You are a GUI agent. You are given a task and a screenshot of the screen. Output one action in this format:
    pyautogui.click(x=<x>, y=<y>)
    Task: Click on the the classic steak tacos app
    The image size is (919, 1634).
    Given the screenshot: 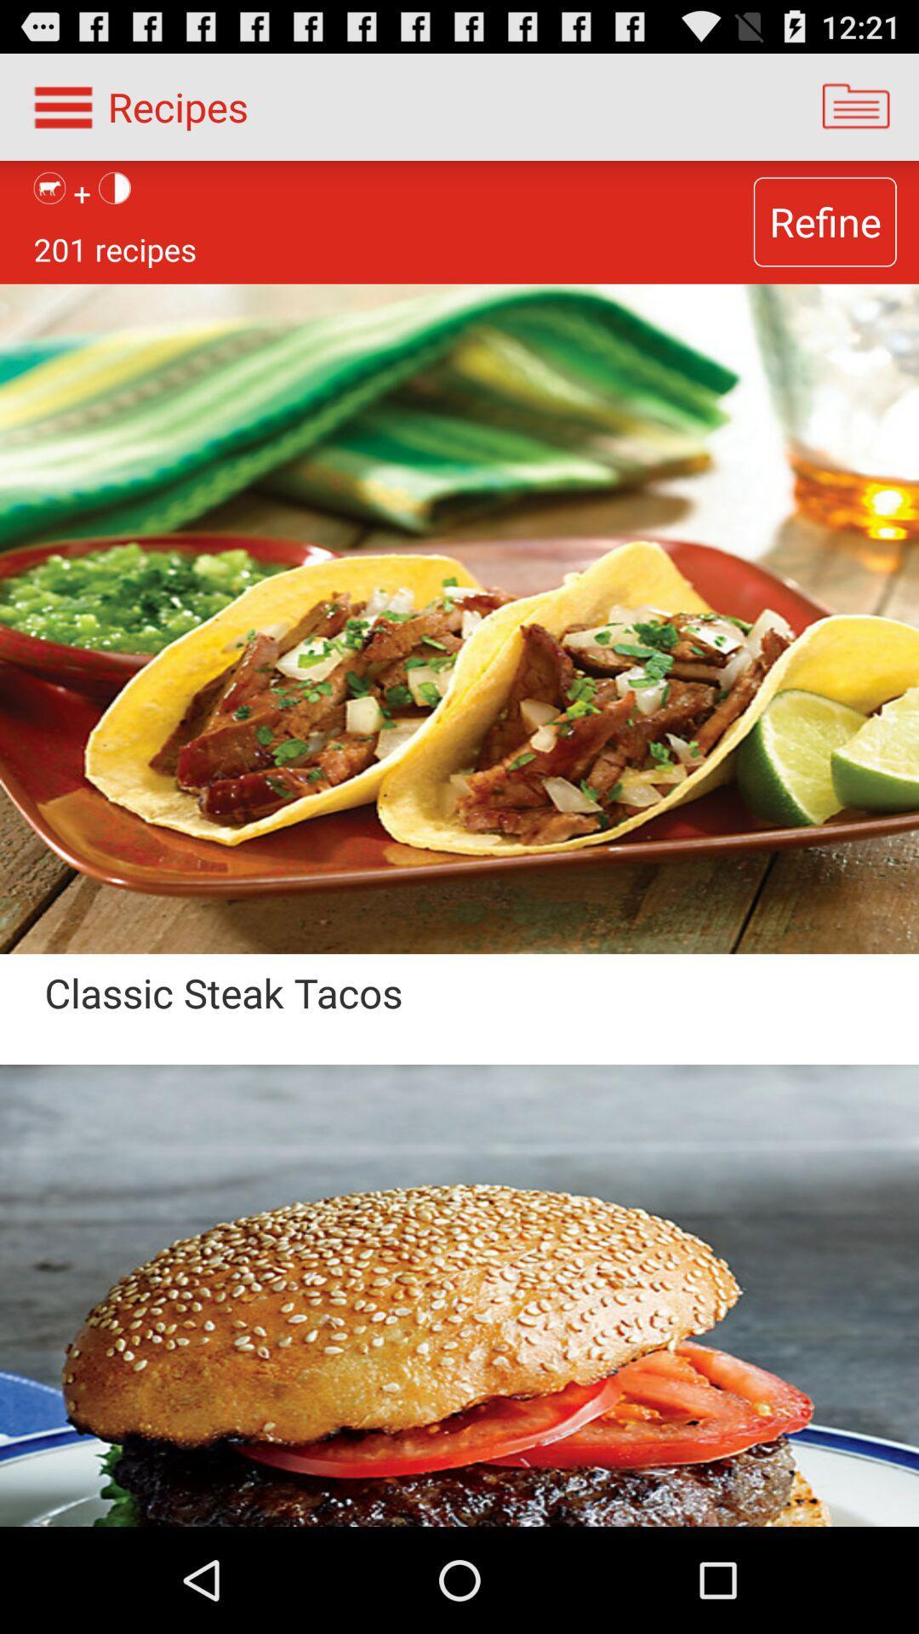 What is the action you would take?
    pyautogui.click(x=373, y=1014)
    